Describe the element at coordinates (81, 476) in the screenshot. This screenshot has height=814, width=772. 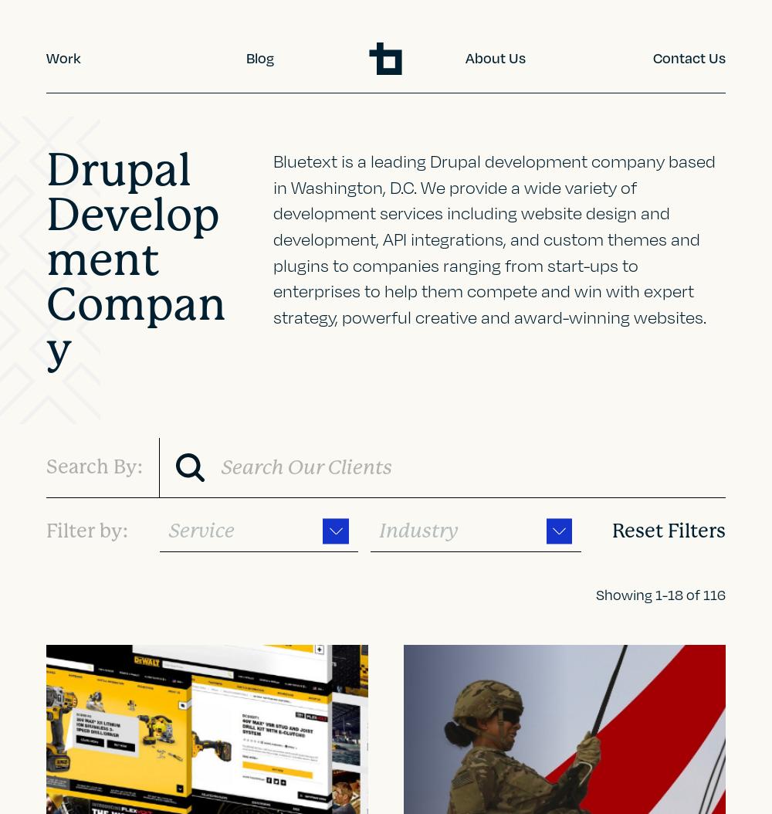
I see `'Naming'` at that location.